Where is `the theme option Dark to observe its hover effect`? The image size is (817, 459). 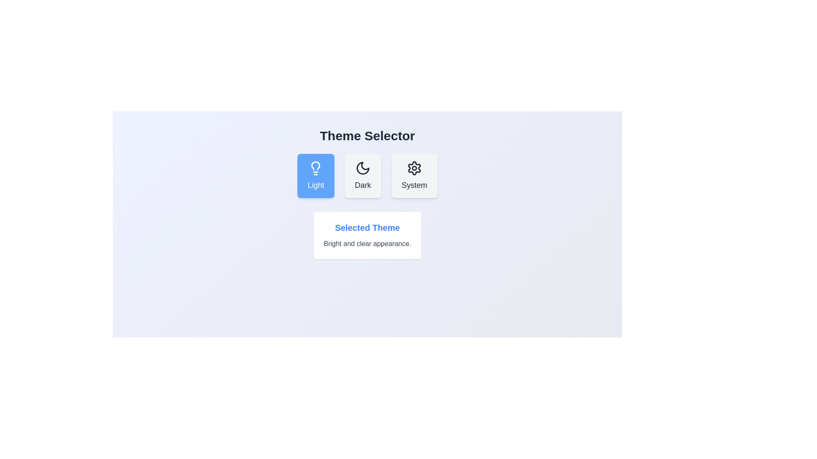
the theme option Dark to observe its hover effect is located at coordinates (363, 175).